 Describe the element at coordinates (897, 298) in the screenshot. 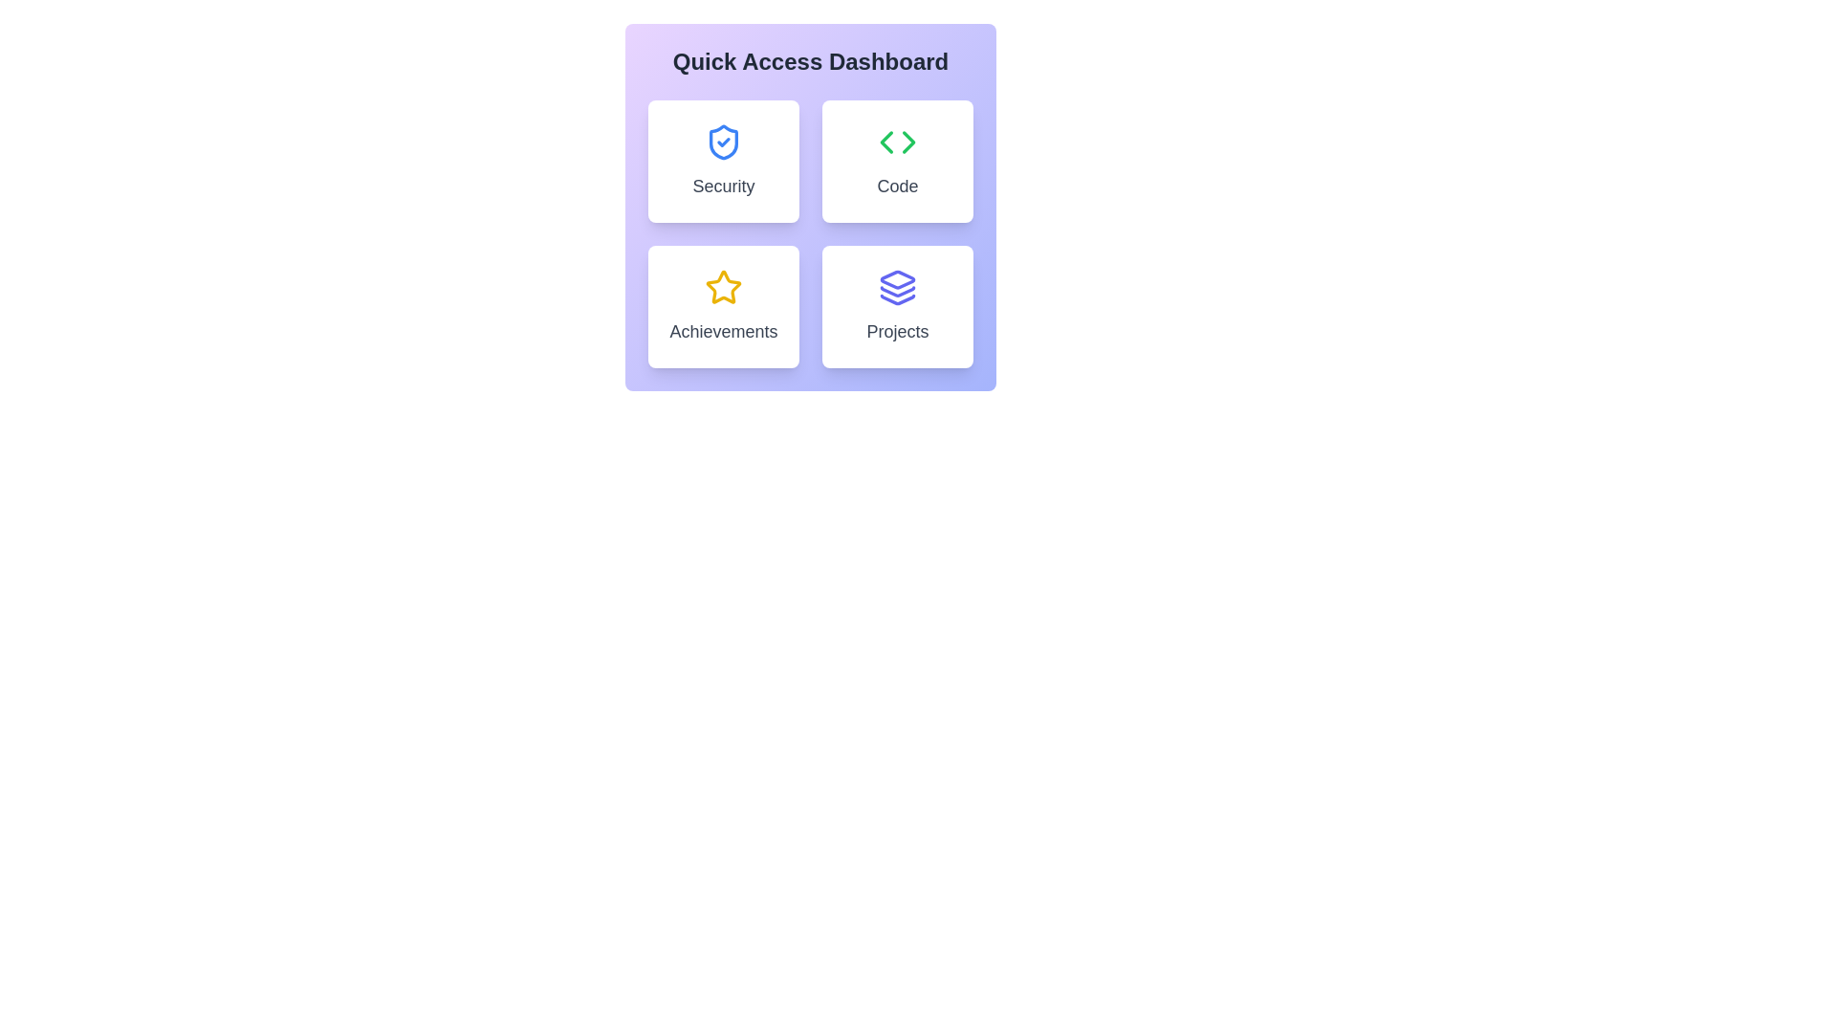

I see `the layered icon located in the center-right quadrant of the interface` at that location.